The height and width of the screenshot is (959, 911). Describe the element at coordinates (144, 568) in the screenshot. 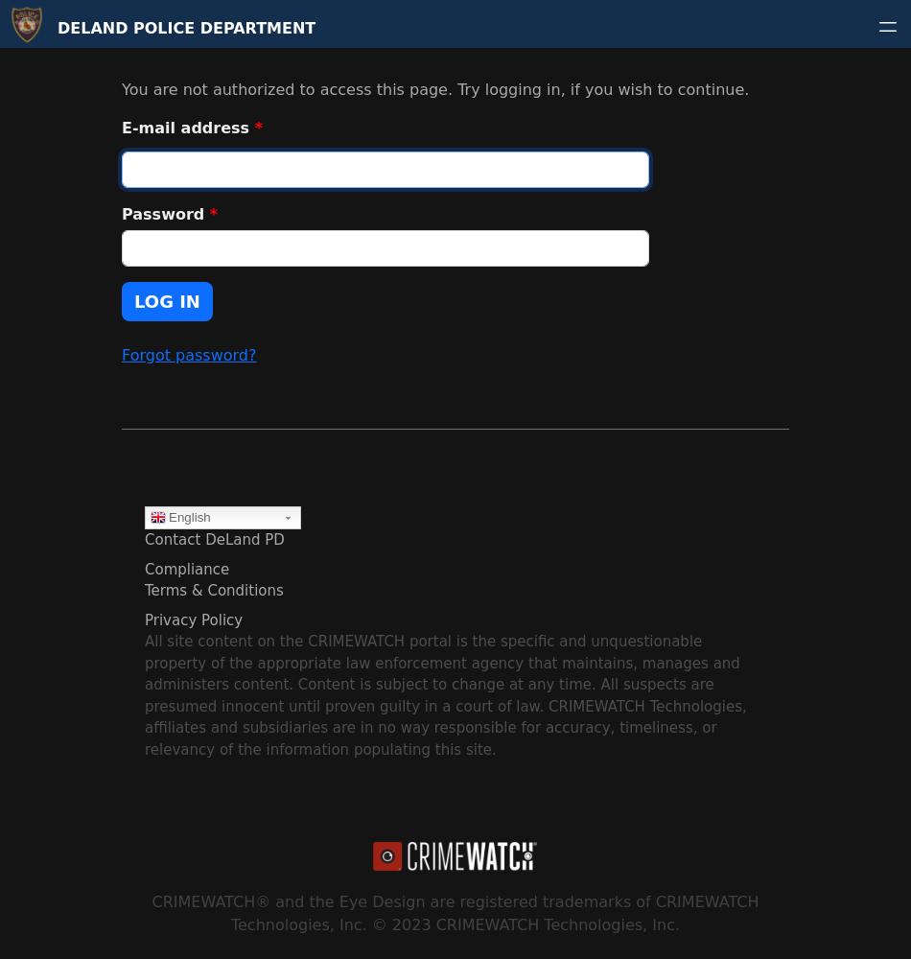

I see `'Compliance'` at that location.